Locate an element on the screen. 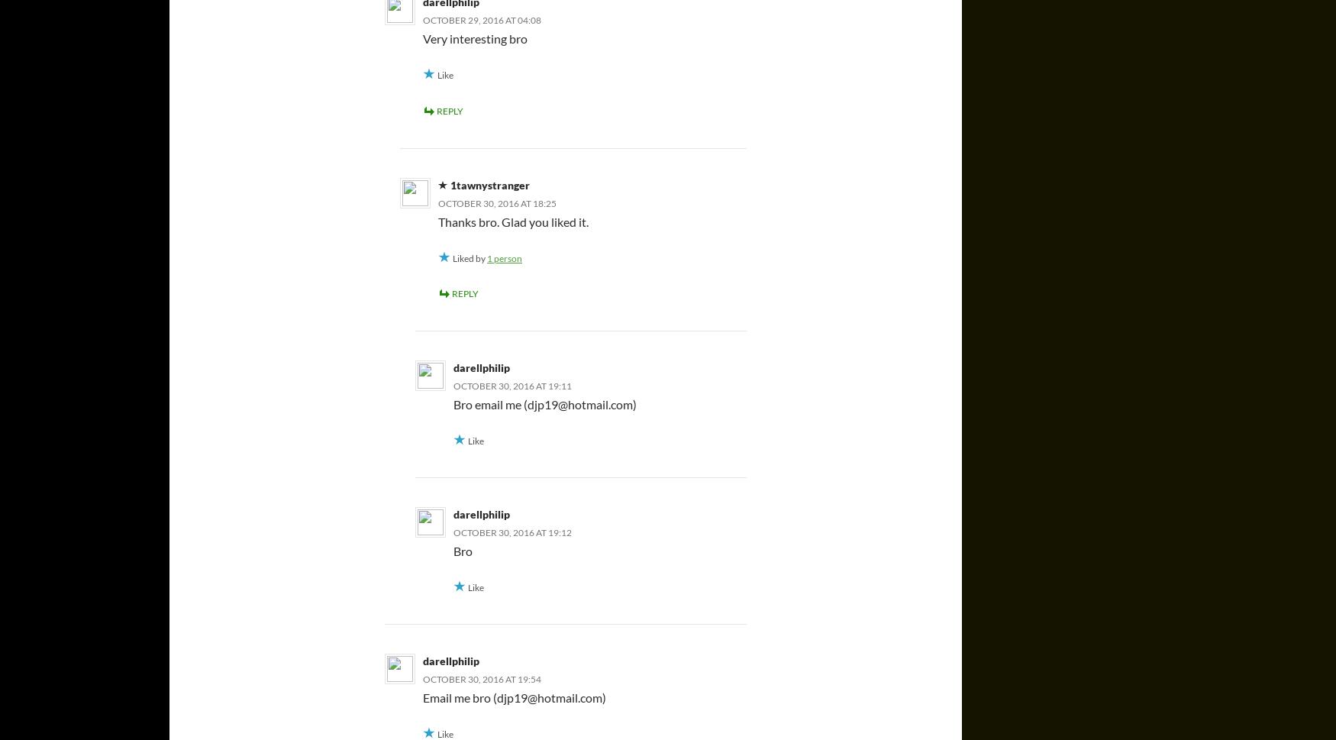  'Bro' is located at coordinates (463, 551).